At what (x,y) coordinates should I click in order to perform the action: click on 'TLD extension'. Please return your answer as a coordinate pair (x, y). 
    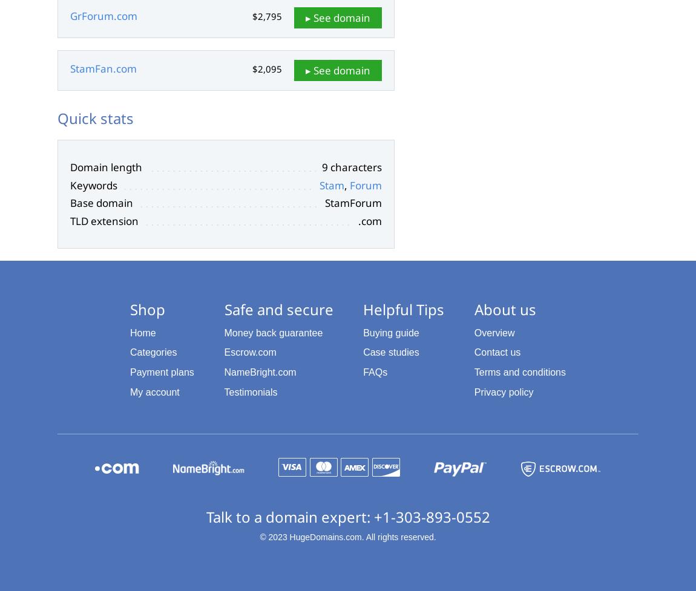
    Looking at the image, I should click on (70, 221).